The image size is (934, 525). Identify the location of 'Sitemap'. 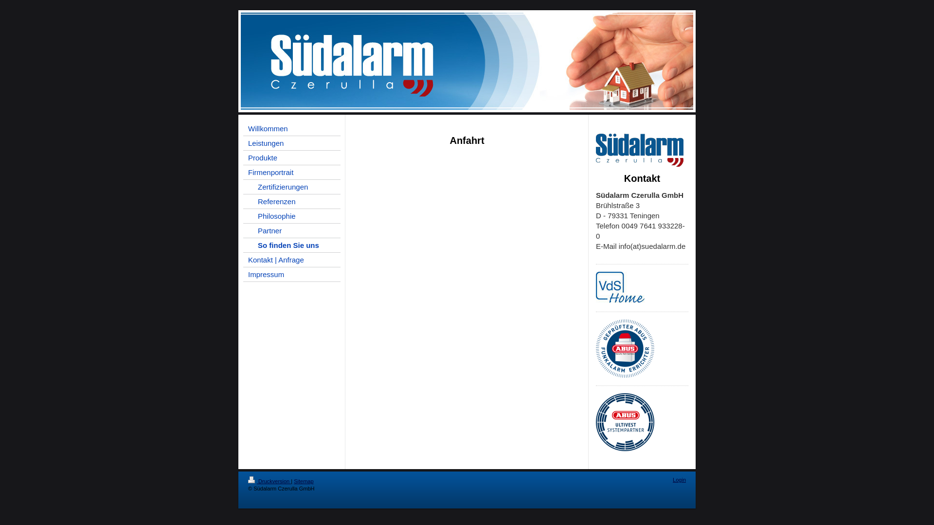
(303, 481).